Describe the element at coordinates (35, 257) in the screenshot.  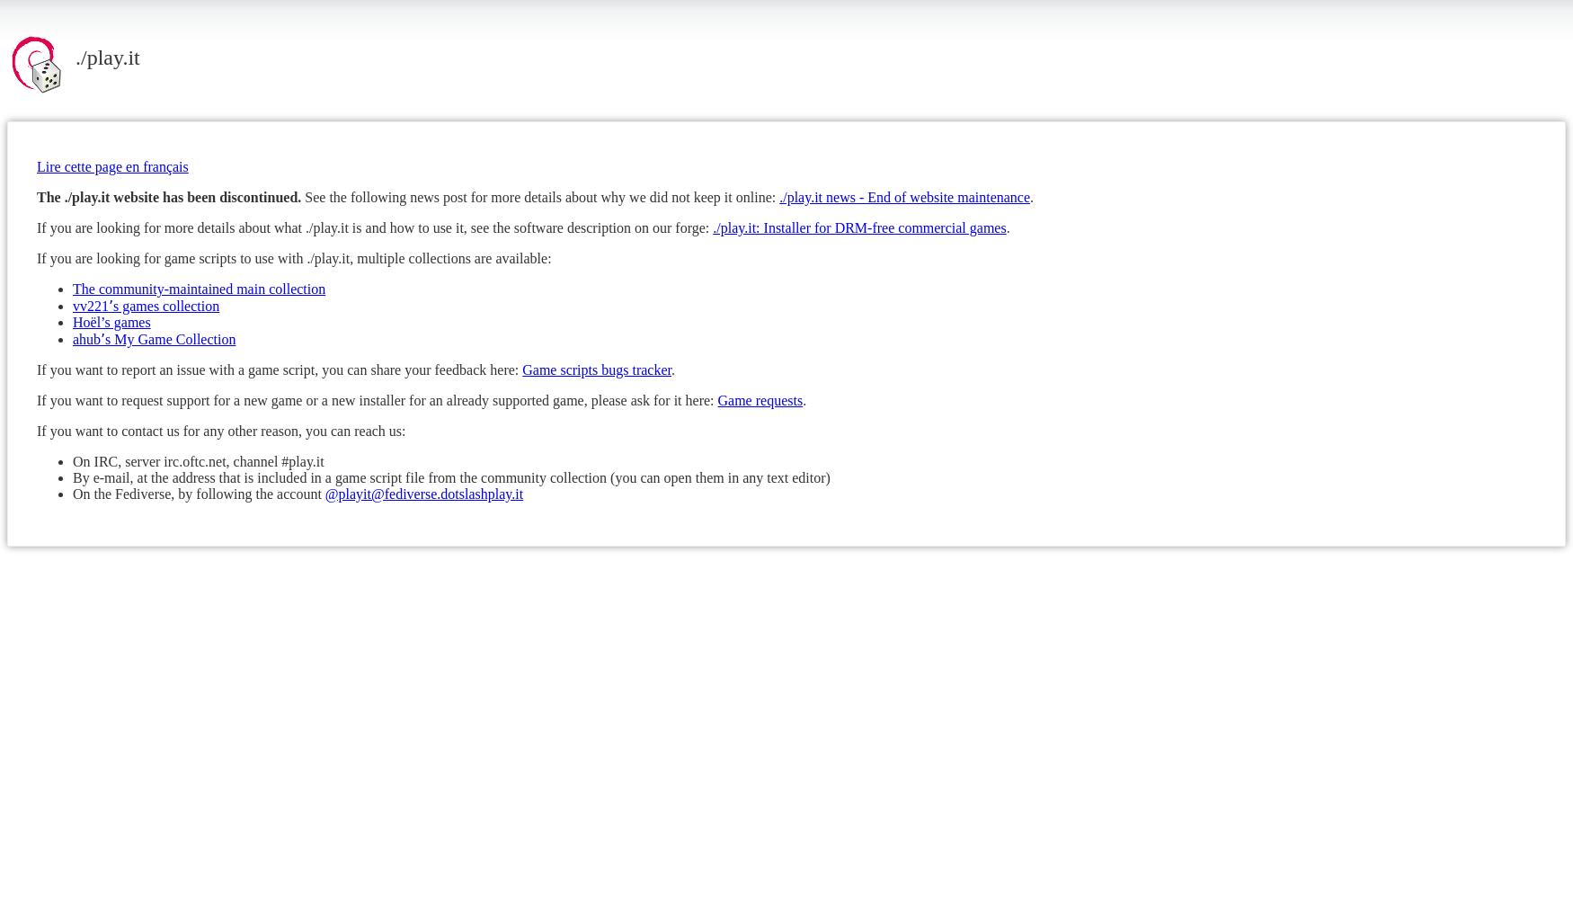
I see `'If you are looking for game scripts to use with ./play.it, multiple collections are available:'` at that location.